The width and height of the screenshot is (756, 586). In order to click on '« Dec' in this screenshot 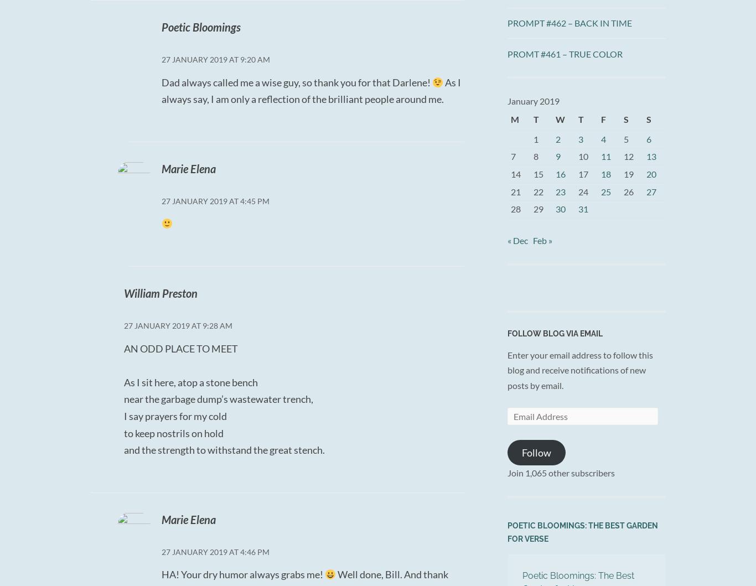, I will do `click(517, 240)`.